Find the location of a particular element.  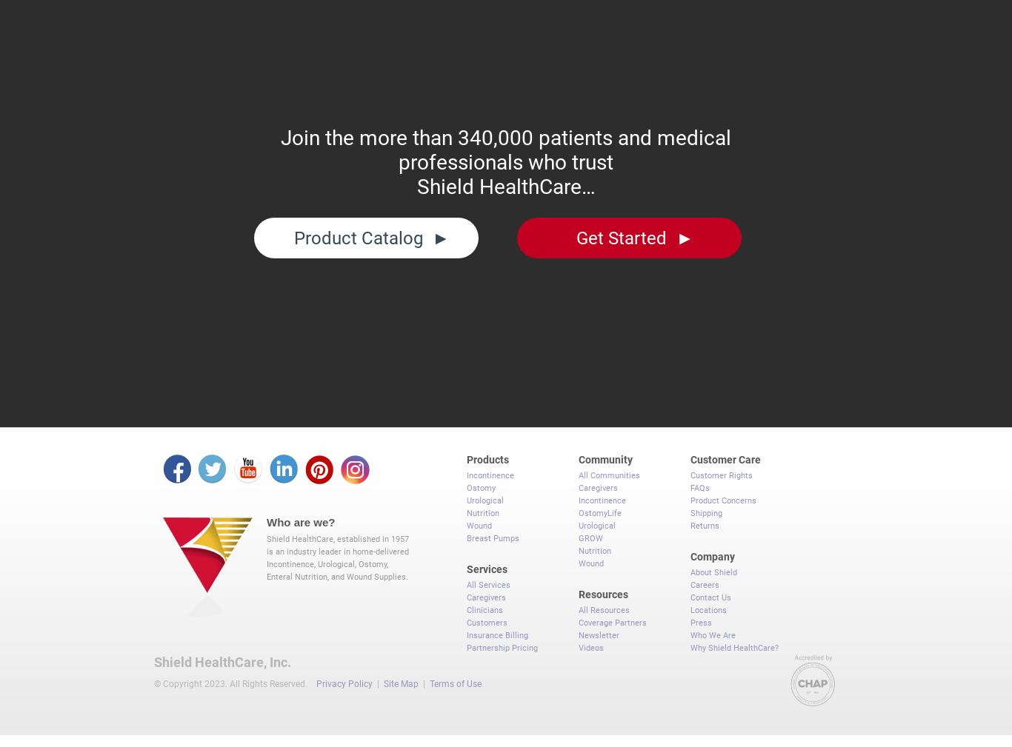

'Why Shield HealthCare?' is located at coordinates (734, 640).